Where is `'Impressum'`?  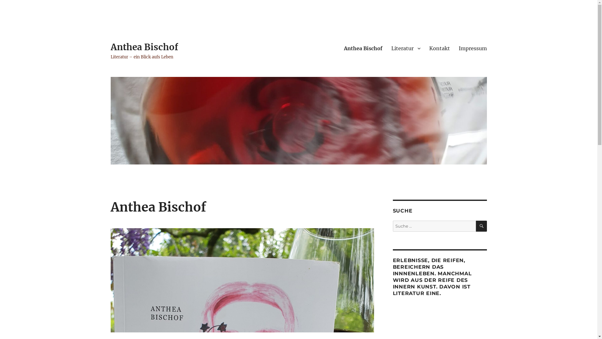 'Impressum' is located at coordinates (473, 48).